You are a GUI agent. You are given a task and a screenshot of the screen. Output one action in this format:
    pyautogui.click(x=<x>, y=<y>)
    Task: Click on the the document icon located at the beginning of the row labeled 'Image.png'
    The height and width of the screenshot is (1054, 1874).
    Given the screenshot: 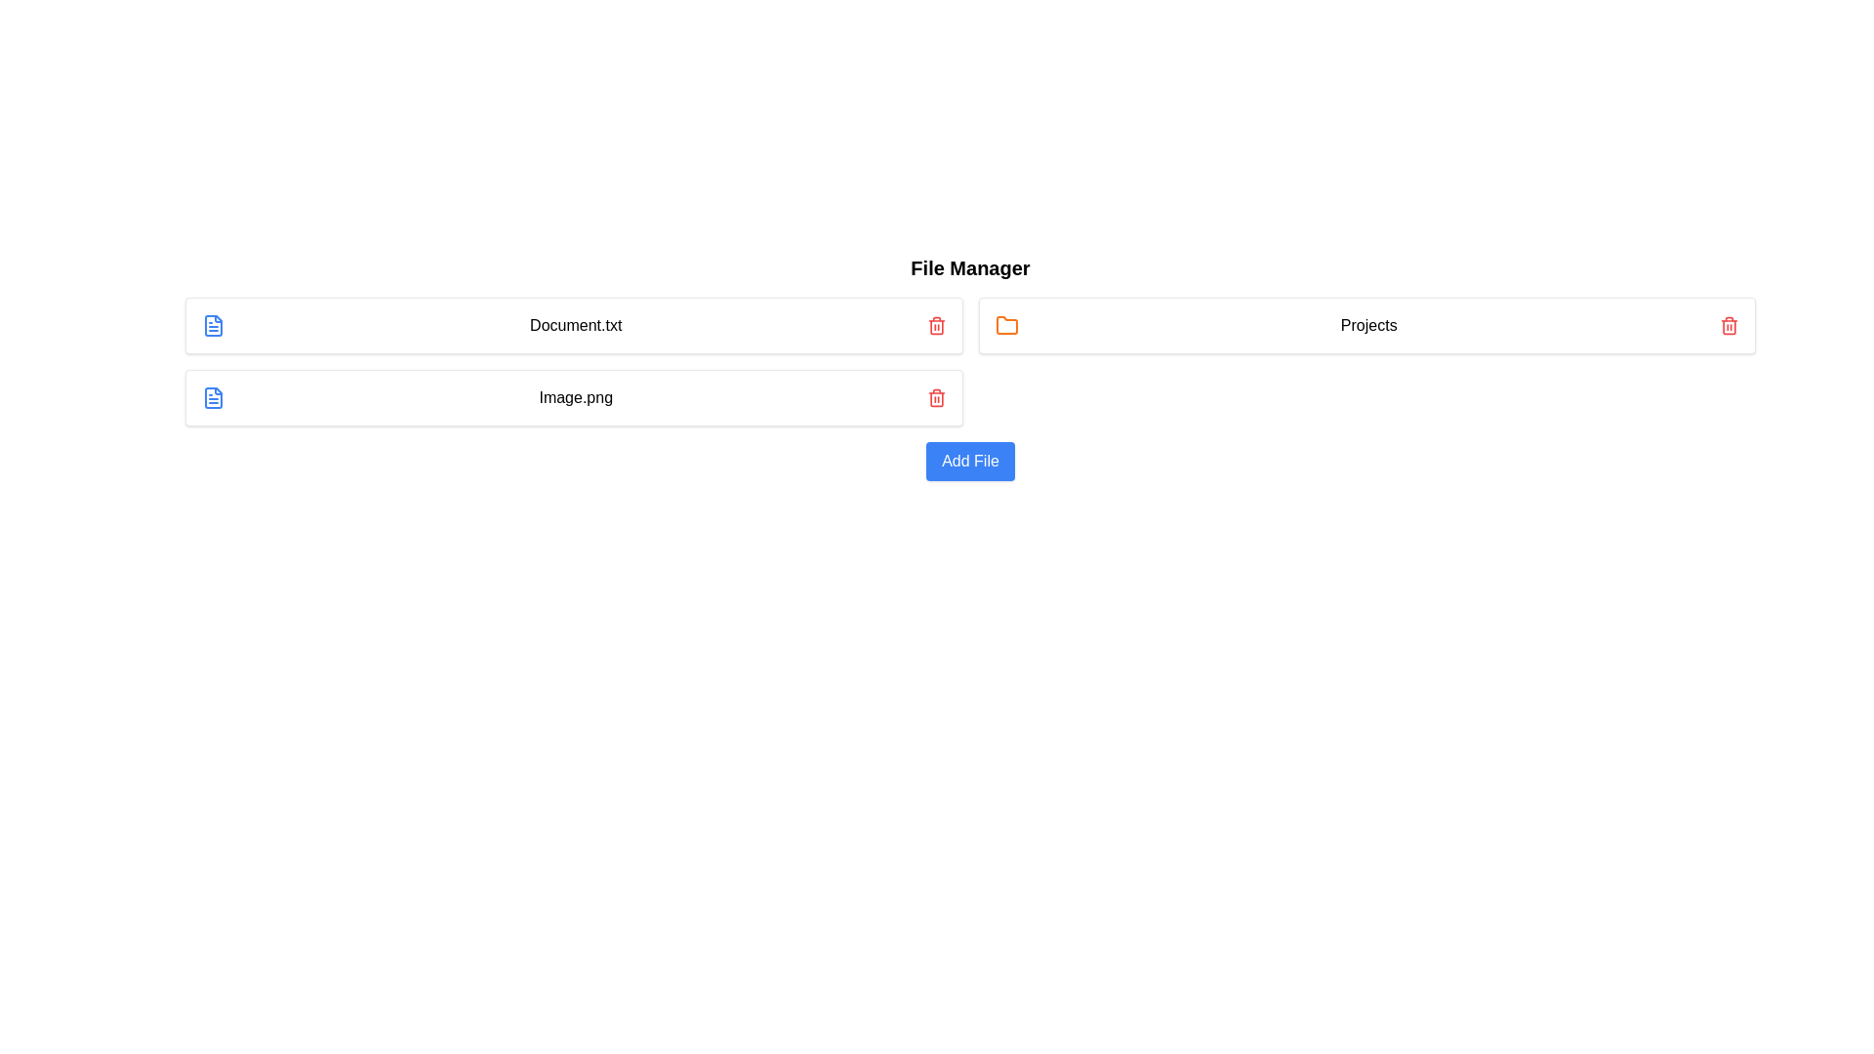 What is the action you would take?
    pyautogui.click(x=214, y=397)
    